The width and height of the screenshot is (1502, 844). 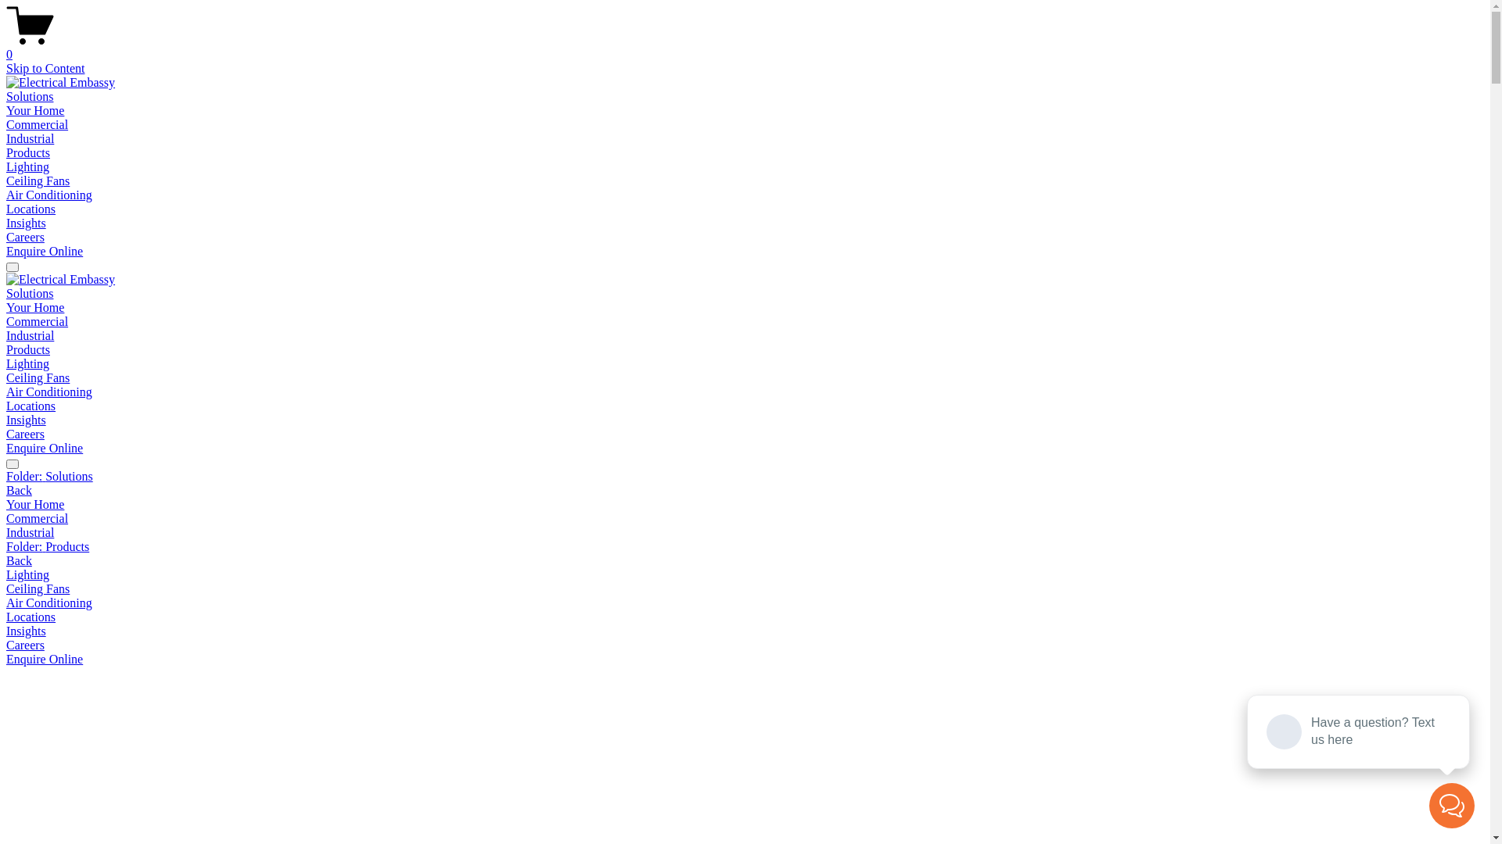 What do you see at coordinates (744, 504) in the screenshot?
I see `'Your Home'` at bounding box center [744, 504].